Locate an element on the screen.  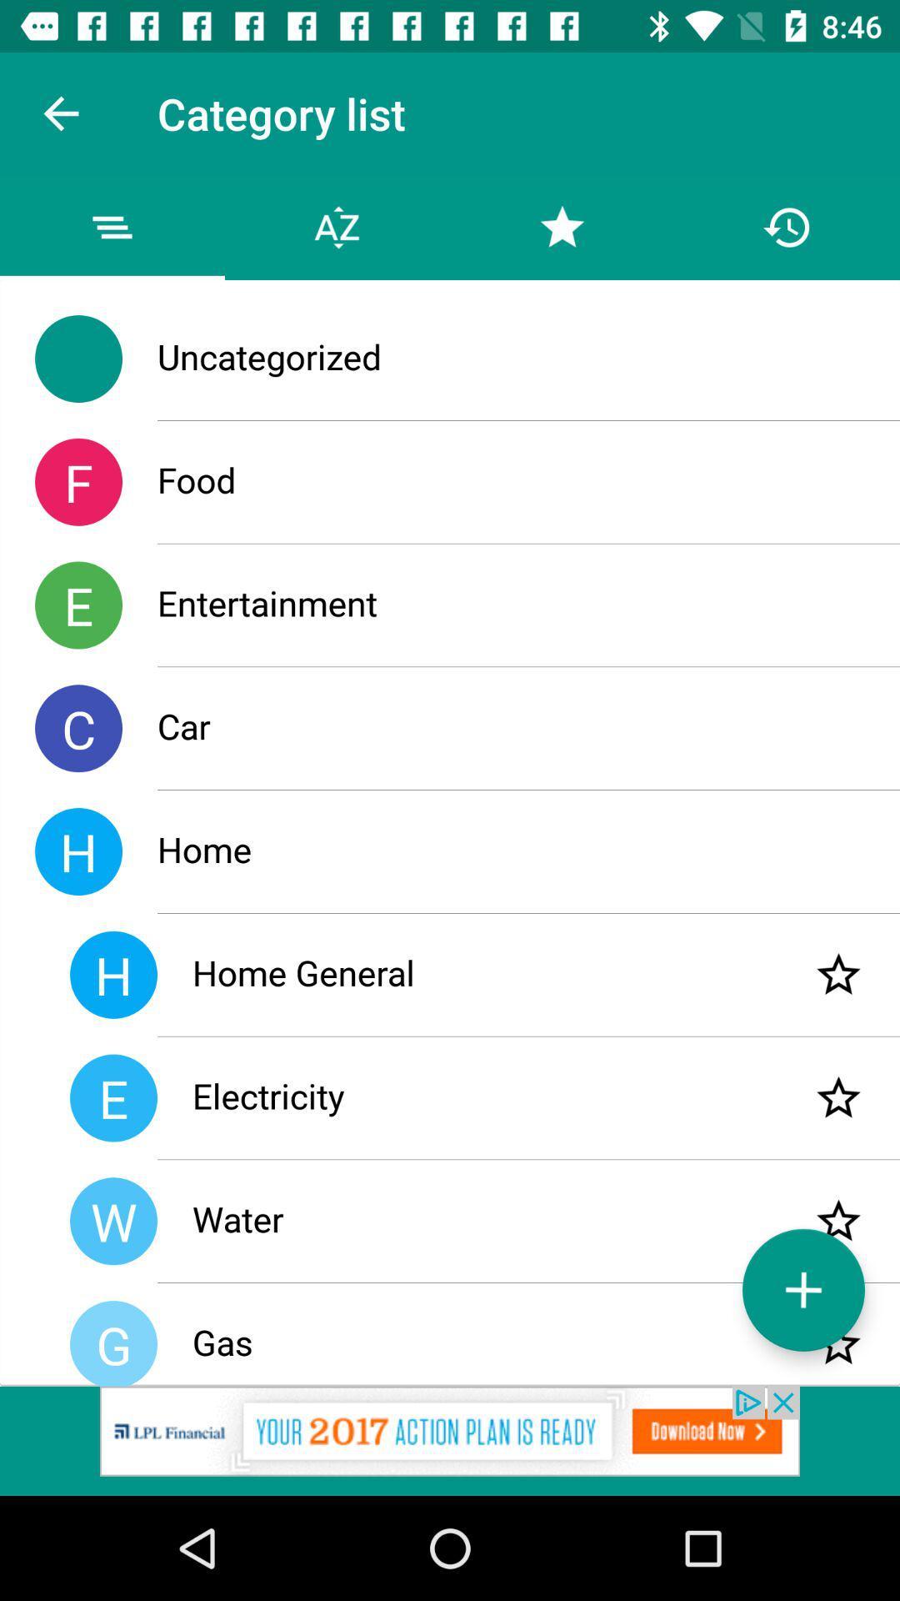
a category is located at coordinates (802, 1289).